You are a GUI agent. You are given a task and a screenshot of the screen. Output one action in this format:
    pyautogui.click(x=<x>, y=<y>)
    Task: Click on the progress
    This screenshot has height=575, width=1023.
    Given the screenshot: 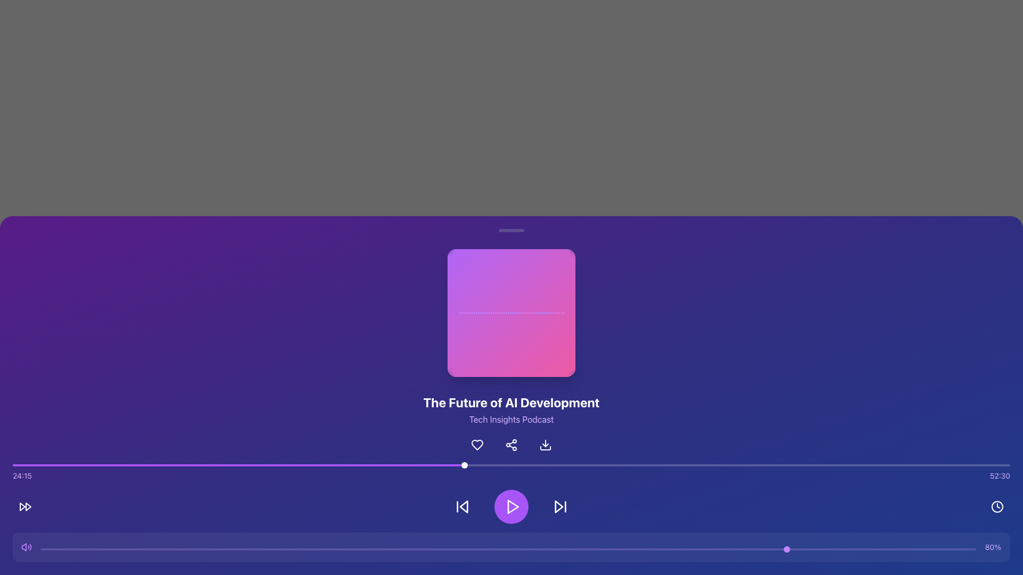 What is the action you would take?
    pyautogui.click(x=416, y=465)
    